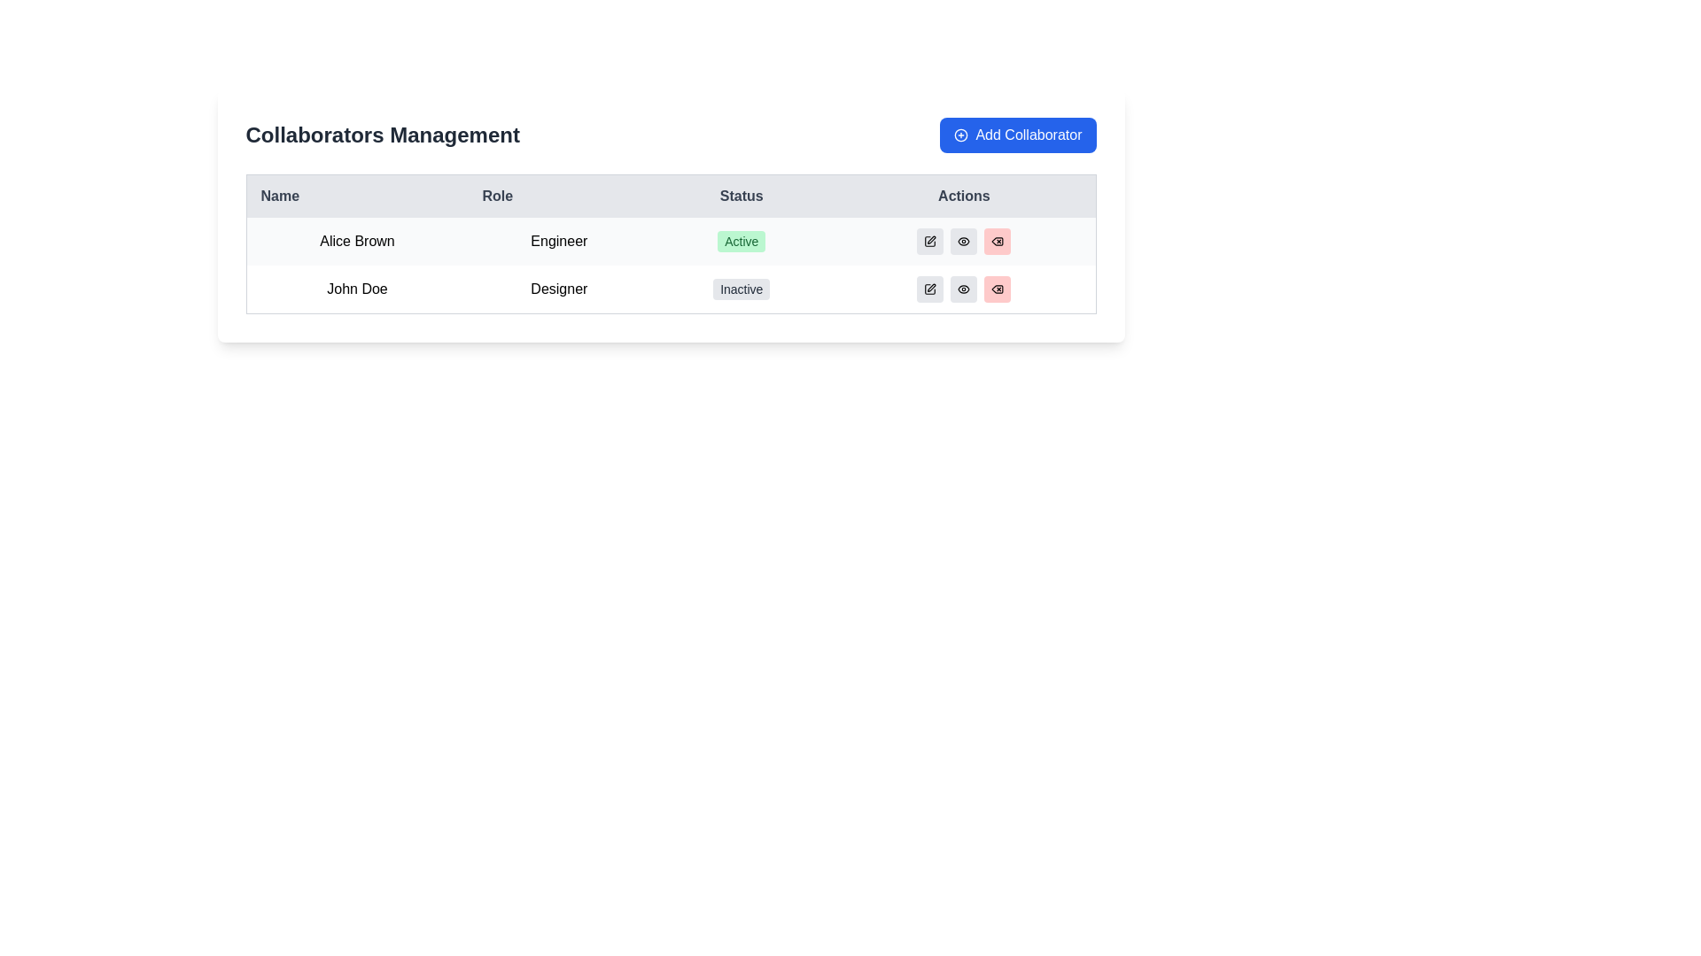 Image resolution: width=1701 pixels, height=956 pixels. Describe the element at coordinates (670, 289) in the screenshot. I see `the second row of the table representing the user 'John Doe', who is a 'Designer' and currently inactive` at that location.